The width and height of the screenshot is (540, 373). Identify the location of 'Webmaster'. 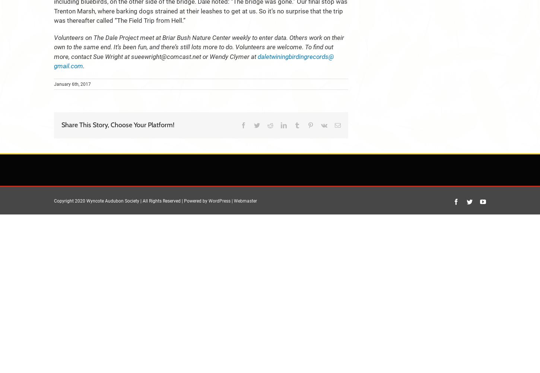
(245, 201).